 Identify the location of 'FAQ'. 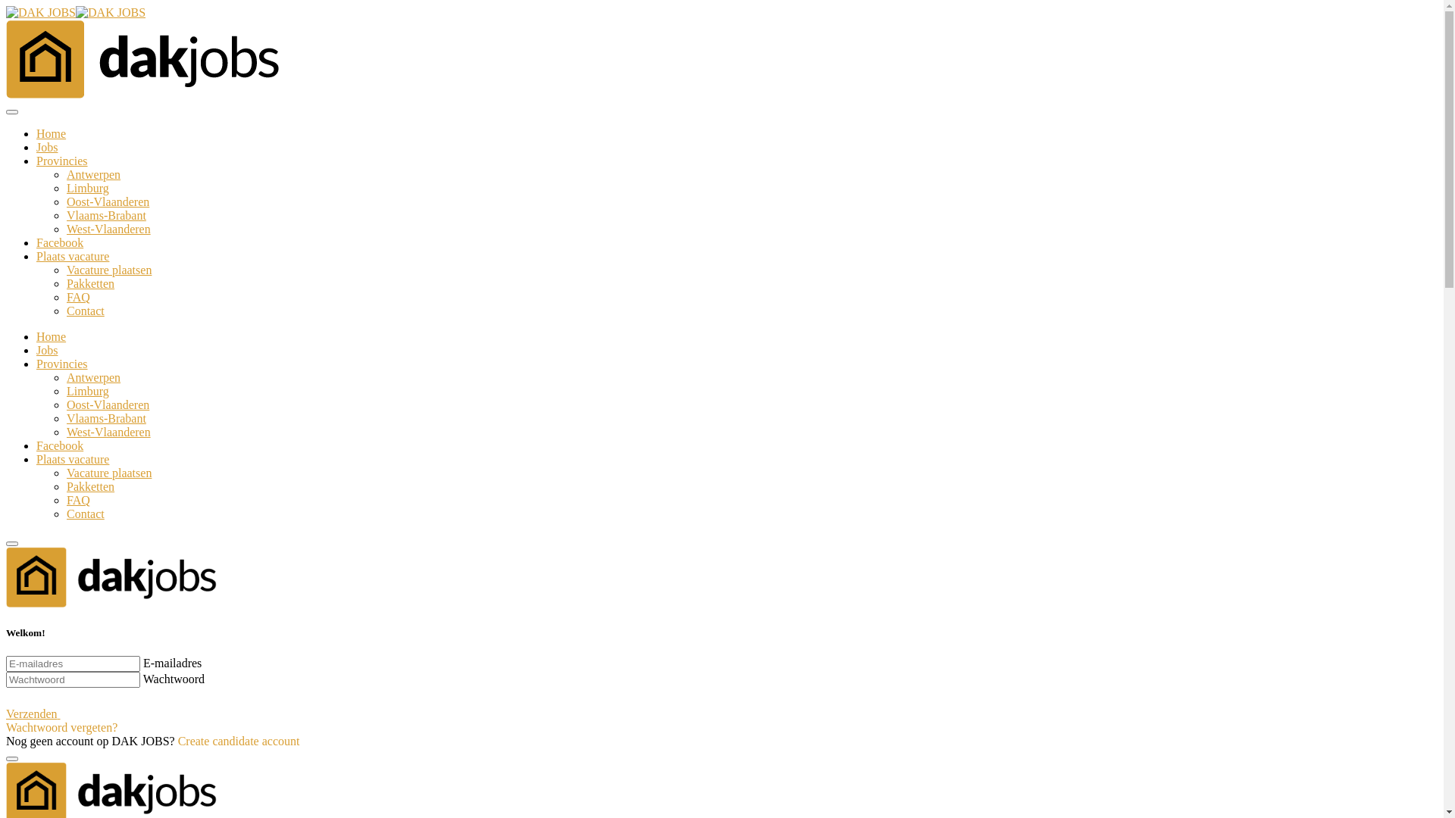
(77, 500).